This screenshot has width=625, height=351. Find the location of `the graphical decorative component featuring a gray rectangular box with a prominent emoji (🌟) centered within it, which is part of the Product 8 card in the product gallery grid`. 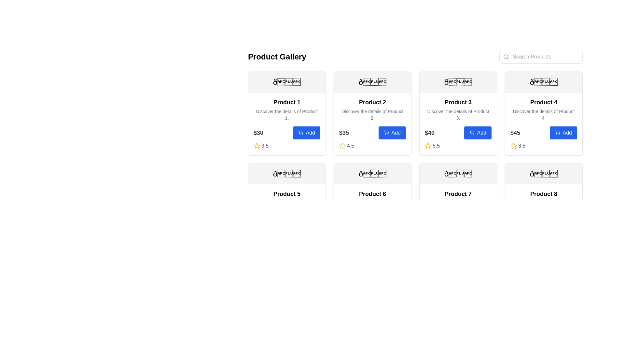

the graphical decorative component featuring a gray rectangular box with a prominent emoji (🌟) centered within it, which is part of the Product 8 card in the product gallery grid is located at coordinates (544, 174).